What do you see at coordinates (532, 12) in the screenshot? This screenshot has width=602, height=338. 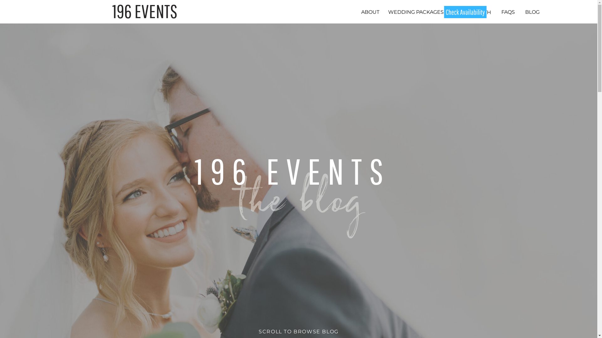 I see `'BLOG'` at bounding box center [532, 12].